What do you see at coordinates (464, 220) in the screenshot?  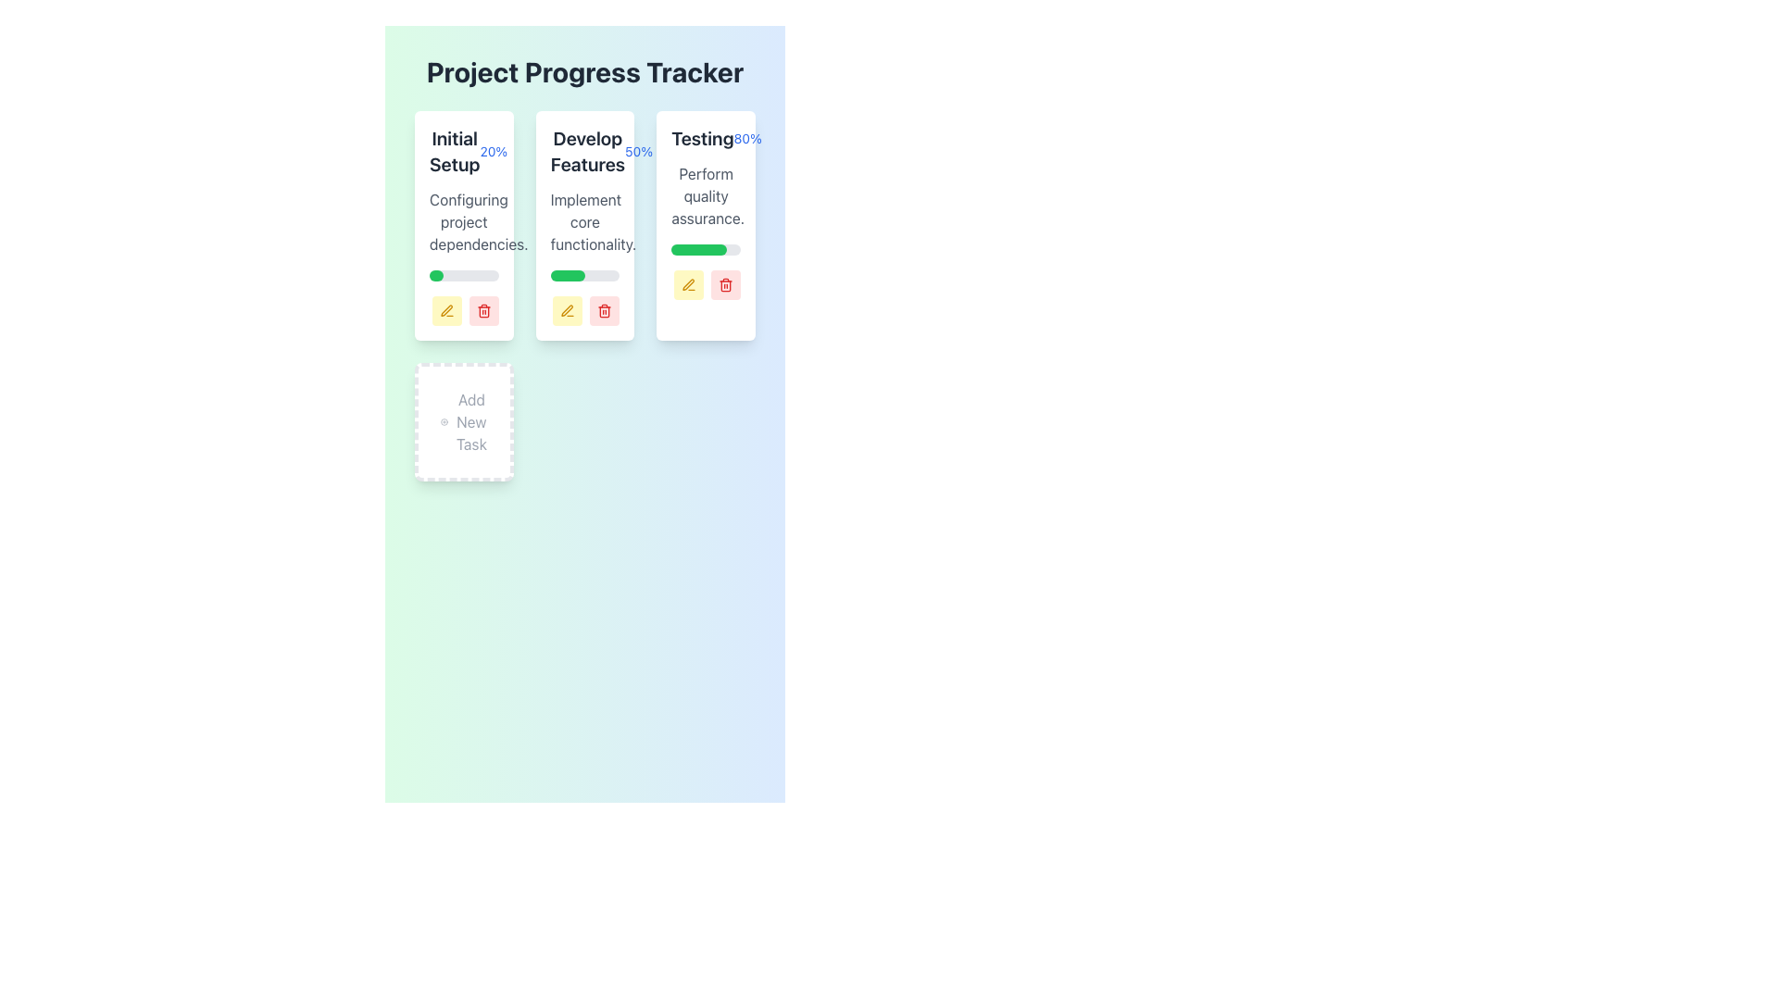 I see `the Text Label that displays descriptive text about the current task 'Configuring project dependencies' related to 'Initial Setup', located below the title 'Initial Setup' and above the progress bar in the 'Project Progress Tracker' card` at bounding box center [464, 220].